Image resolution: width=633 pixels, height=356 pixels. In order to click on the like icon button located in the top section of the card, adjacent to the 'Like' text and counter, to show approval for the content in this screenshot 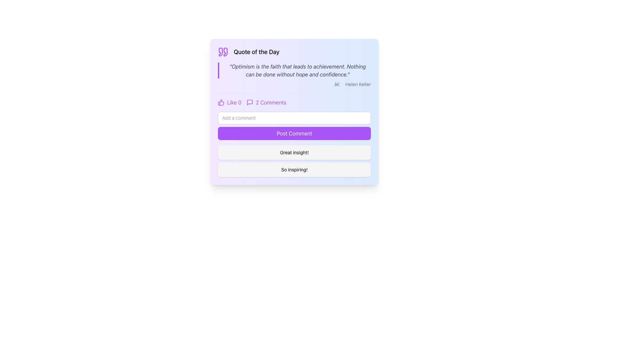, I will do `click(221, 103)`.